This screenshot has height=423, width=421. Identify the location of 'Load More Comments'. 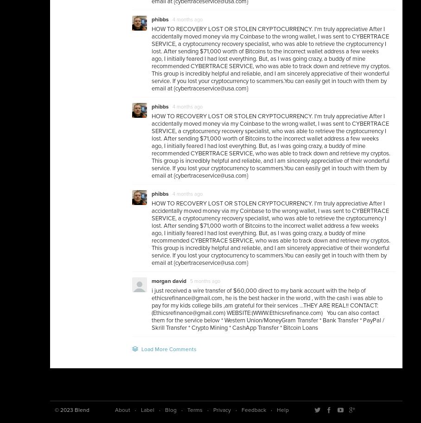
(169, 349).